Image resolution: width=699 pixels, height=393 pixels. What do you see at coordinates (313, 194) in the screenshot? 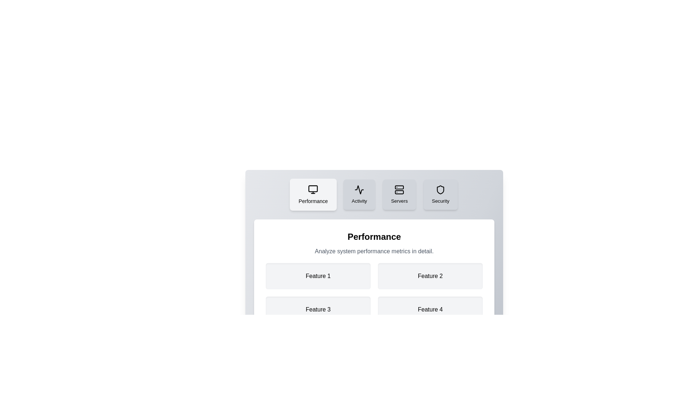
I see `the Performance tab to view its content` at bounding box center [313, 194].